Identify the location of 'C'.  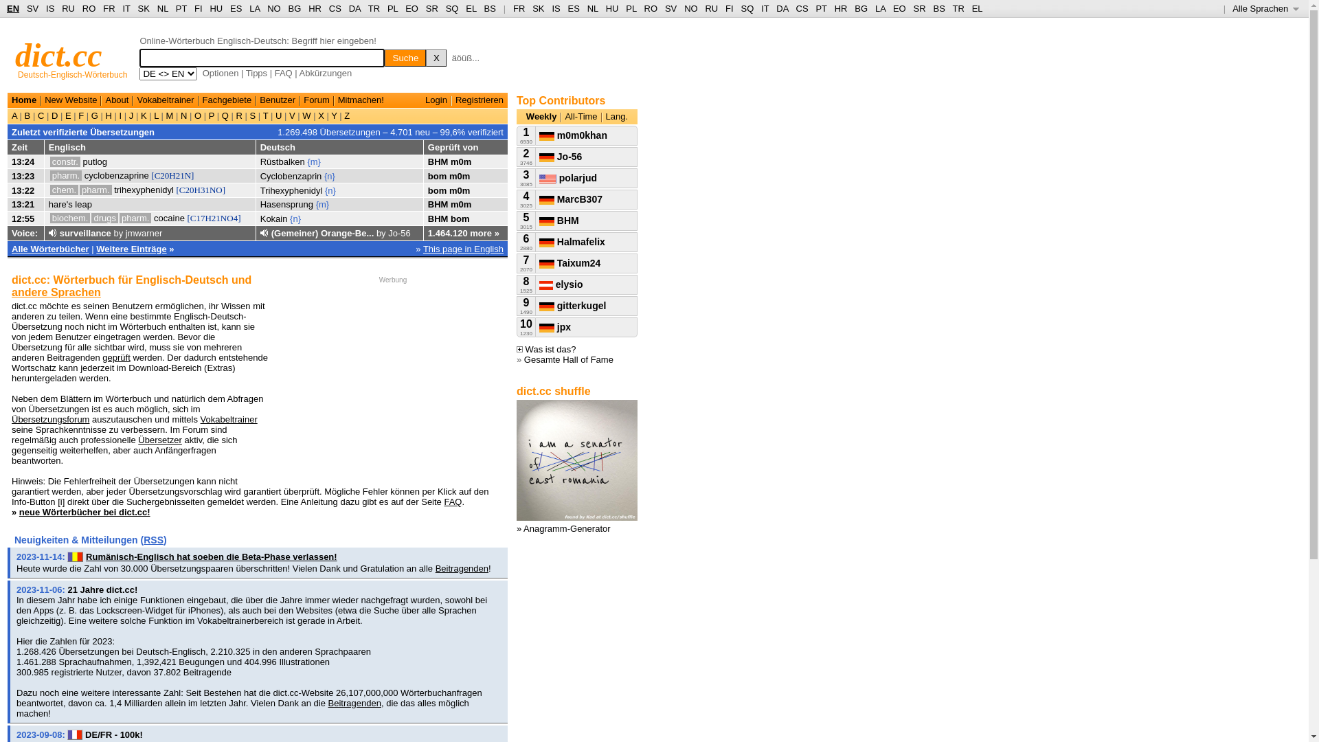
(41, 115).